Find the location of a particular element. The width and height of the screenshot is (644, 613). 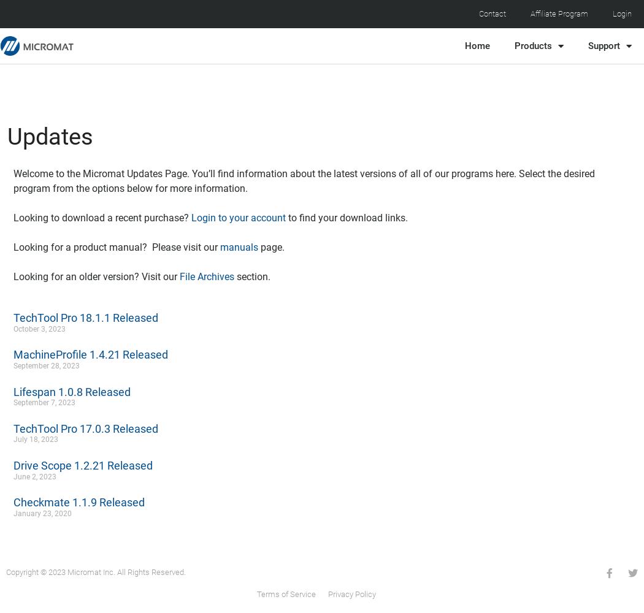

'Updates' is located at coordinates (50, 136).